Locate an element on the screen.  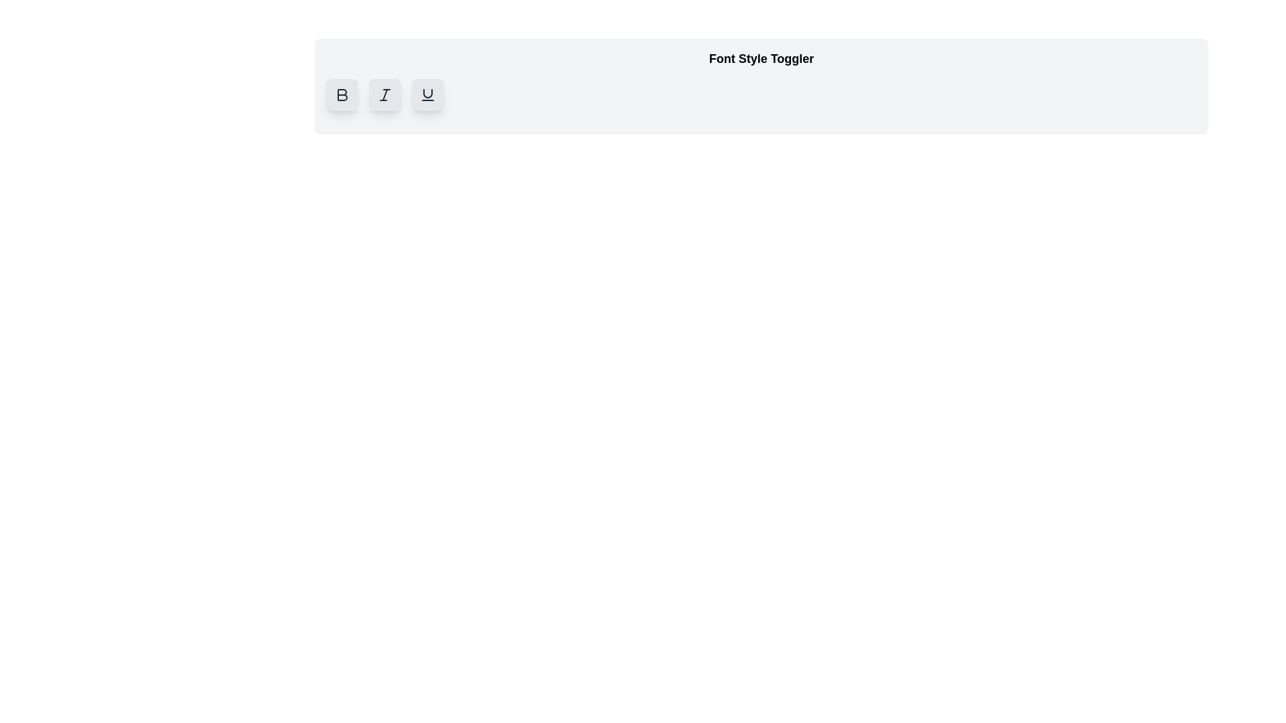
the underline formatting button, which is the third button on the toolbar is located at coordinates (427, 94).